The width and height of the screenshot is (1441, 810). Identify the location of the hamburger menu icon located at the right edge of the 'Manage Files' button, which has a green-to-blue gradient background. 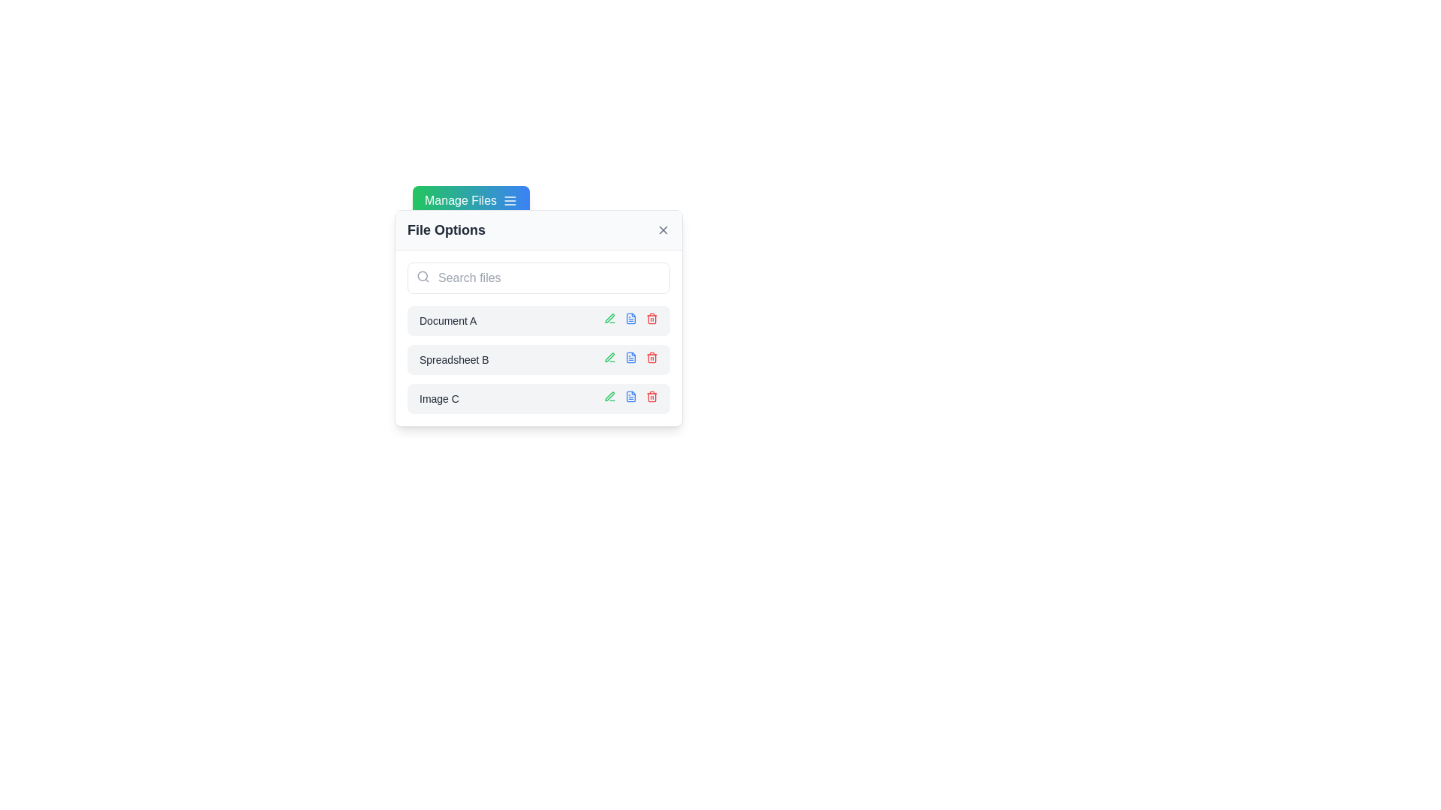
(510, 199).